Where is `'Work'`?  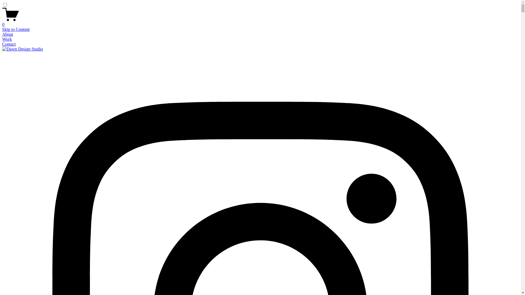
'Work' is located at coordinates (7, 39).